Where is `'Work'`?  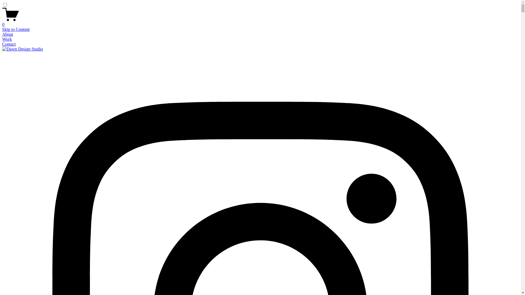
'Work' is located at coordinates (7, 39).